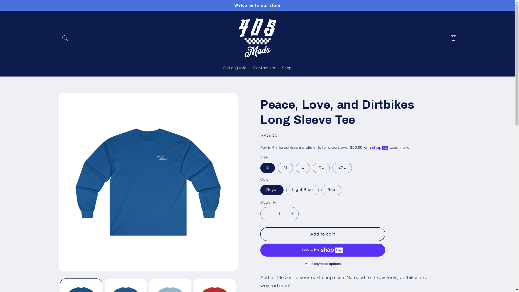 This screenshot has height=292, width=519. I want to click on 'Get a Quote', so click(235, 68).